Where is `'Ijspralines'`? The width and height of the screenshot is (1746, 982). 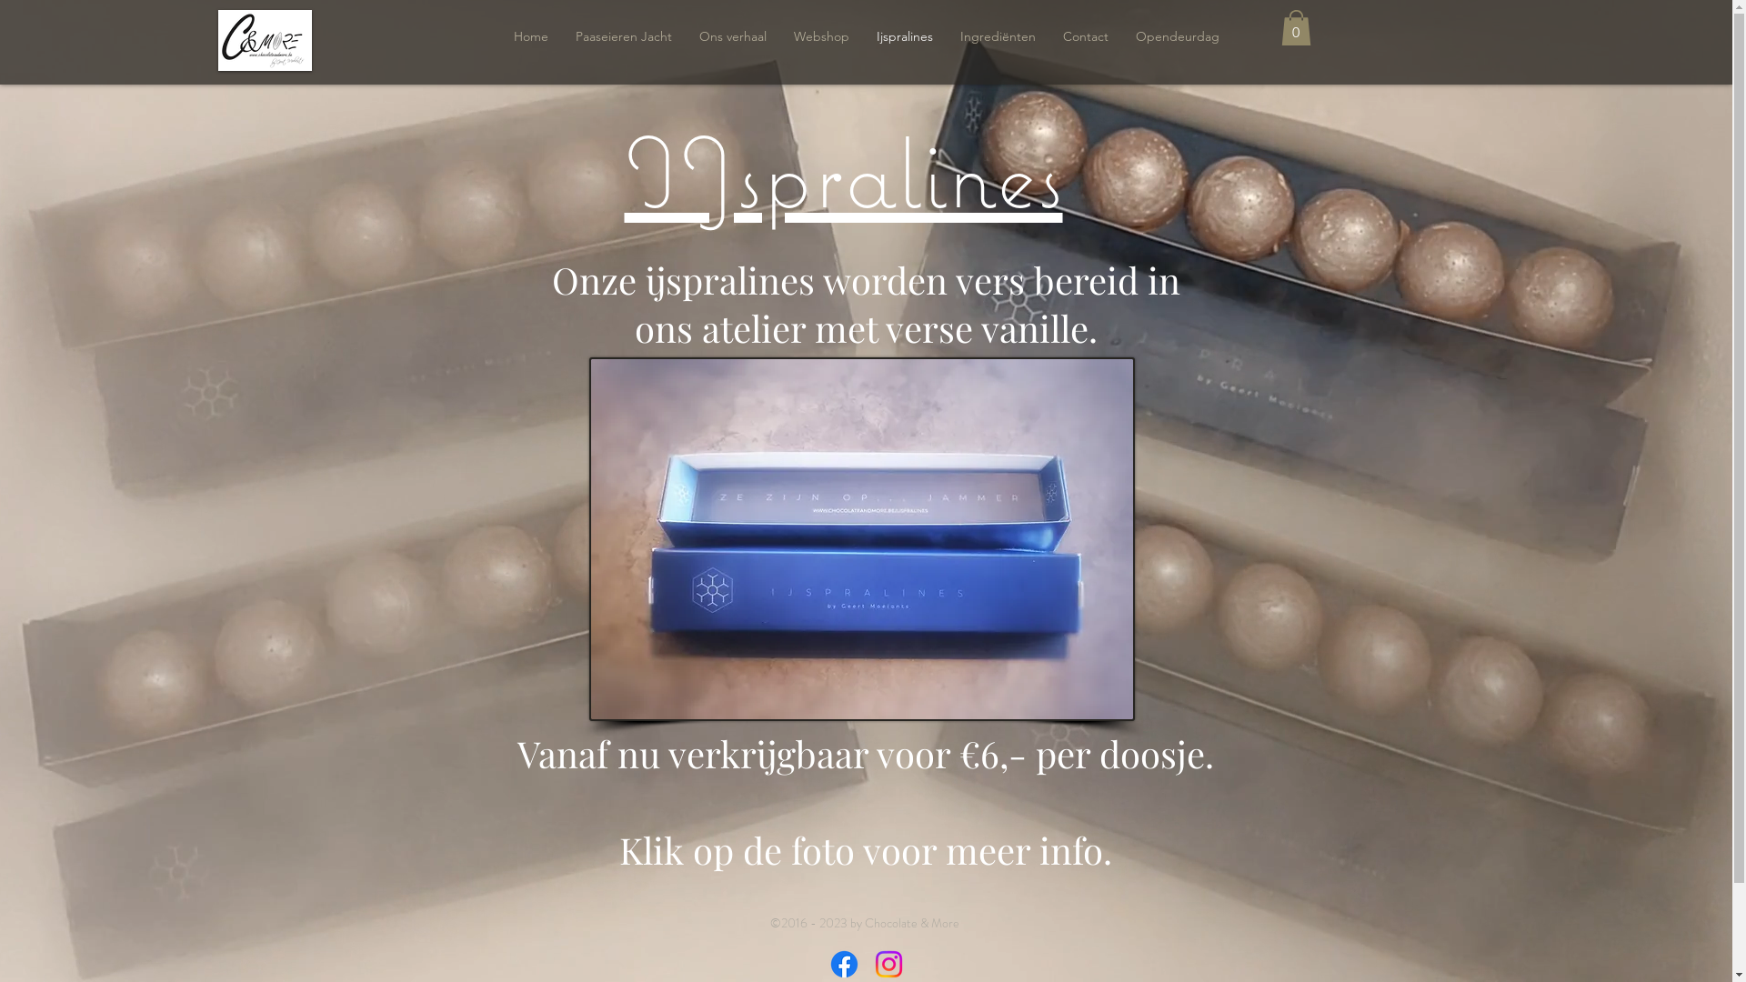
'Ijspralines' is located at coordinates (903, 35).